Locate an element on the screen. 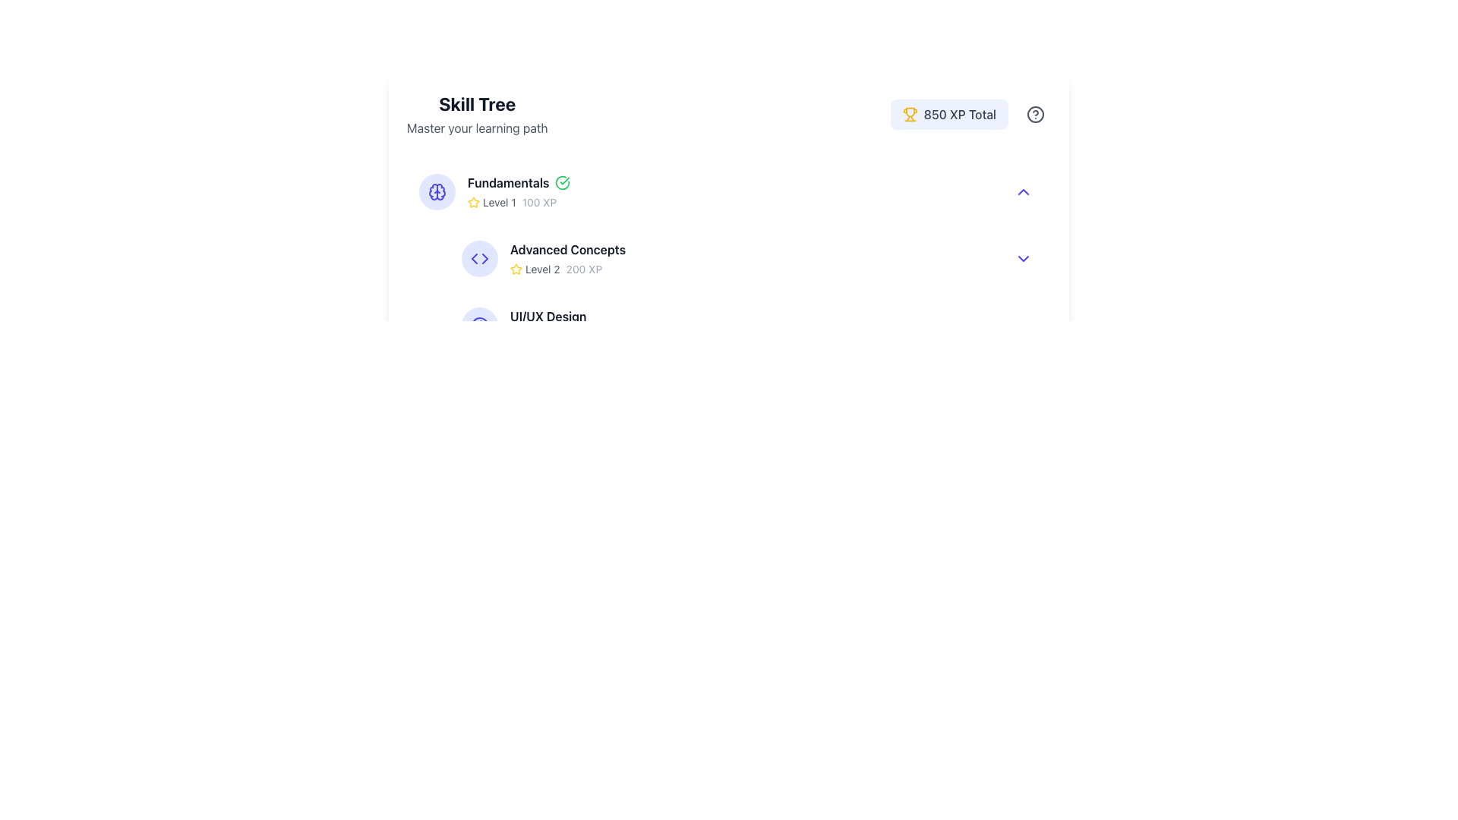 The height and width of the screenshot is (820, 1458). the design of the 'Fundamentals' skill icon located to the left of the 'Fundamentals Level 1 100 XP' text block, which is the first item in the skill tree section is located at coordinates (437, 191).